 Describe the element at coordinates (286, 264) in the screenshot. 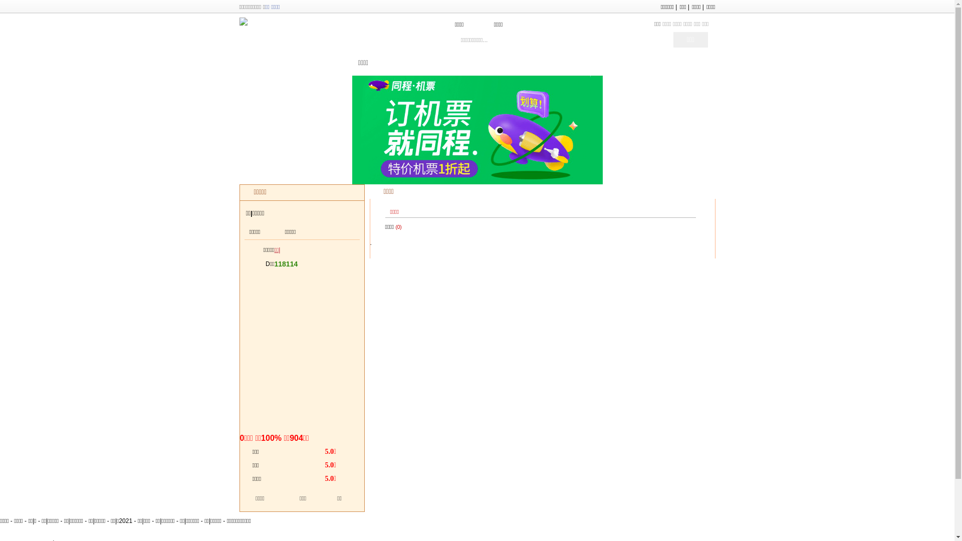

I see `'118114'` at that location.